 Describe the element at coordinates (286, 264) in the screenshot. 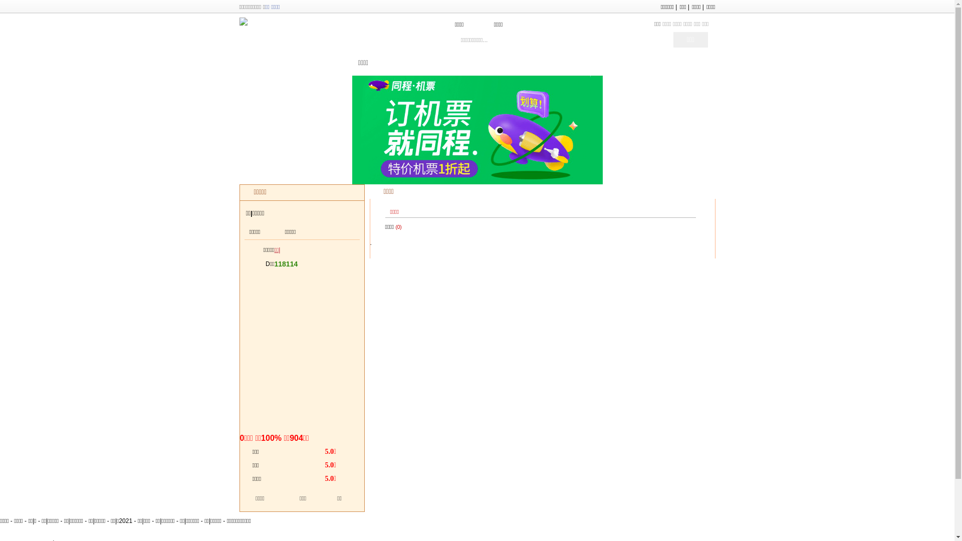

I see `'118114'` at that location.